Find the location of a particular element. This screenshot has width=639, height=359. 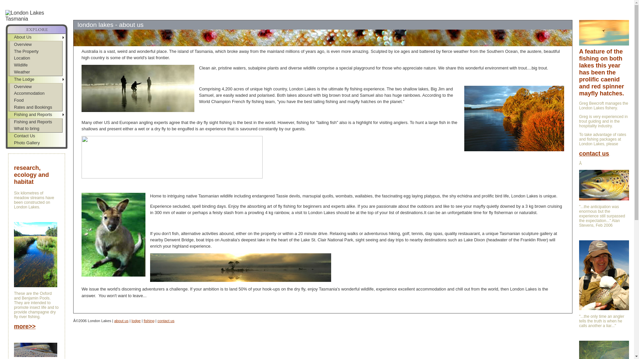

'Photo Gallery' is located at coordinates (36, 143).